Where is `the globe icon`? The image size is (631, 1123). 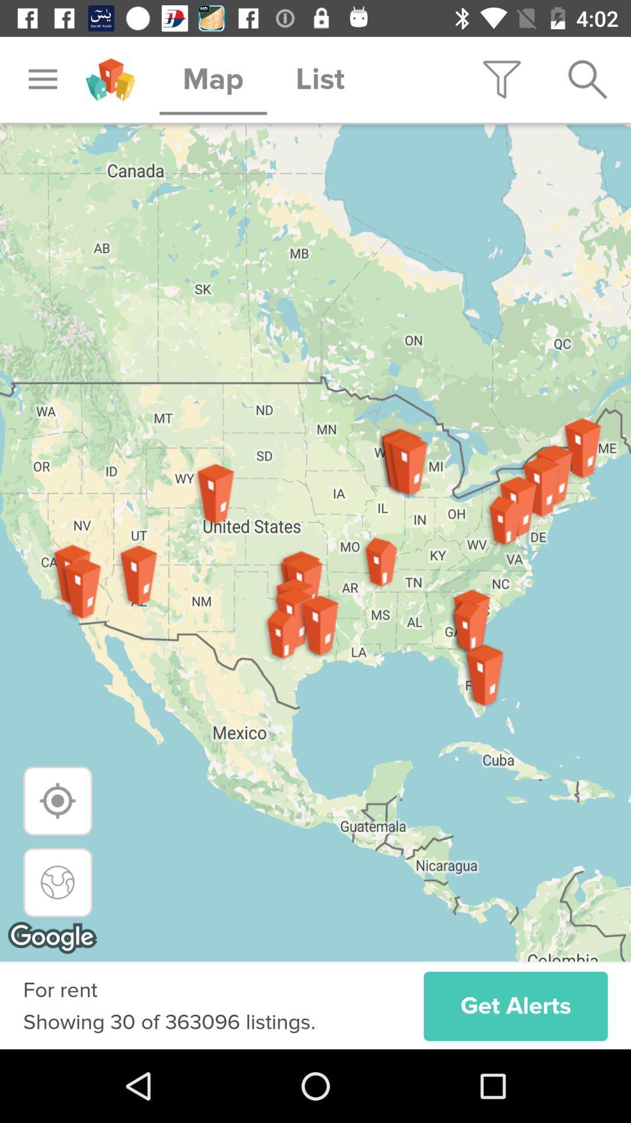
the globe icon is located at coordinates (58, 882).